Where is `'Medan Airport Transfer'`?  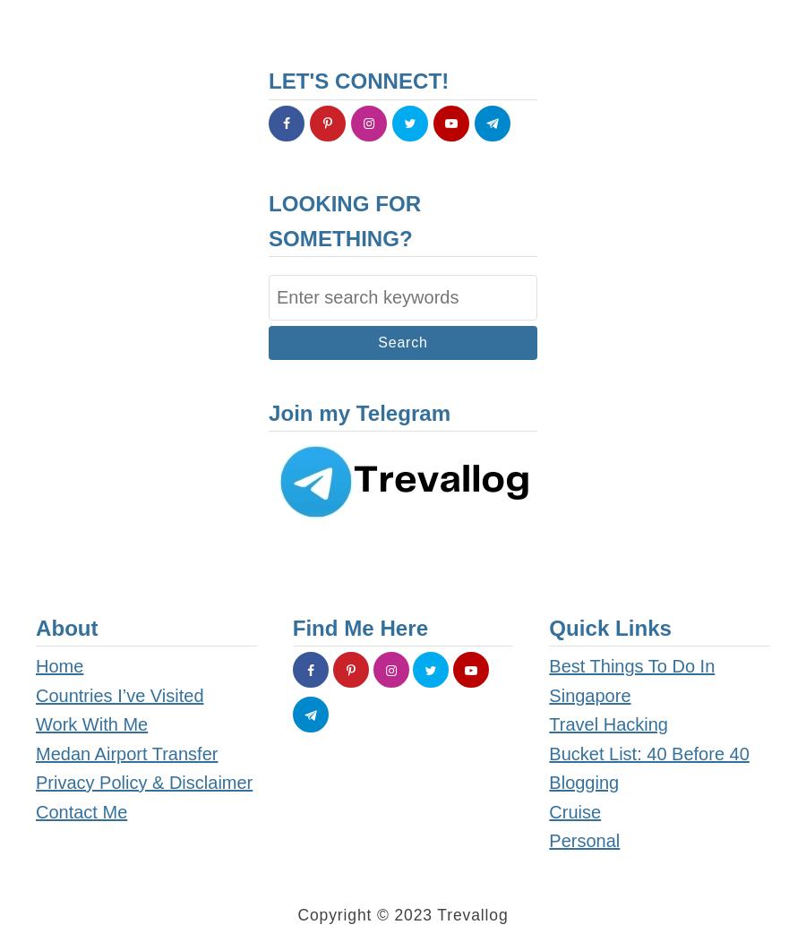
'Medan Airport Transfer' is located at coordinates (126, 751).